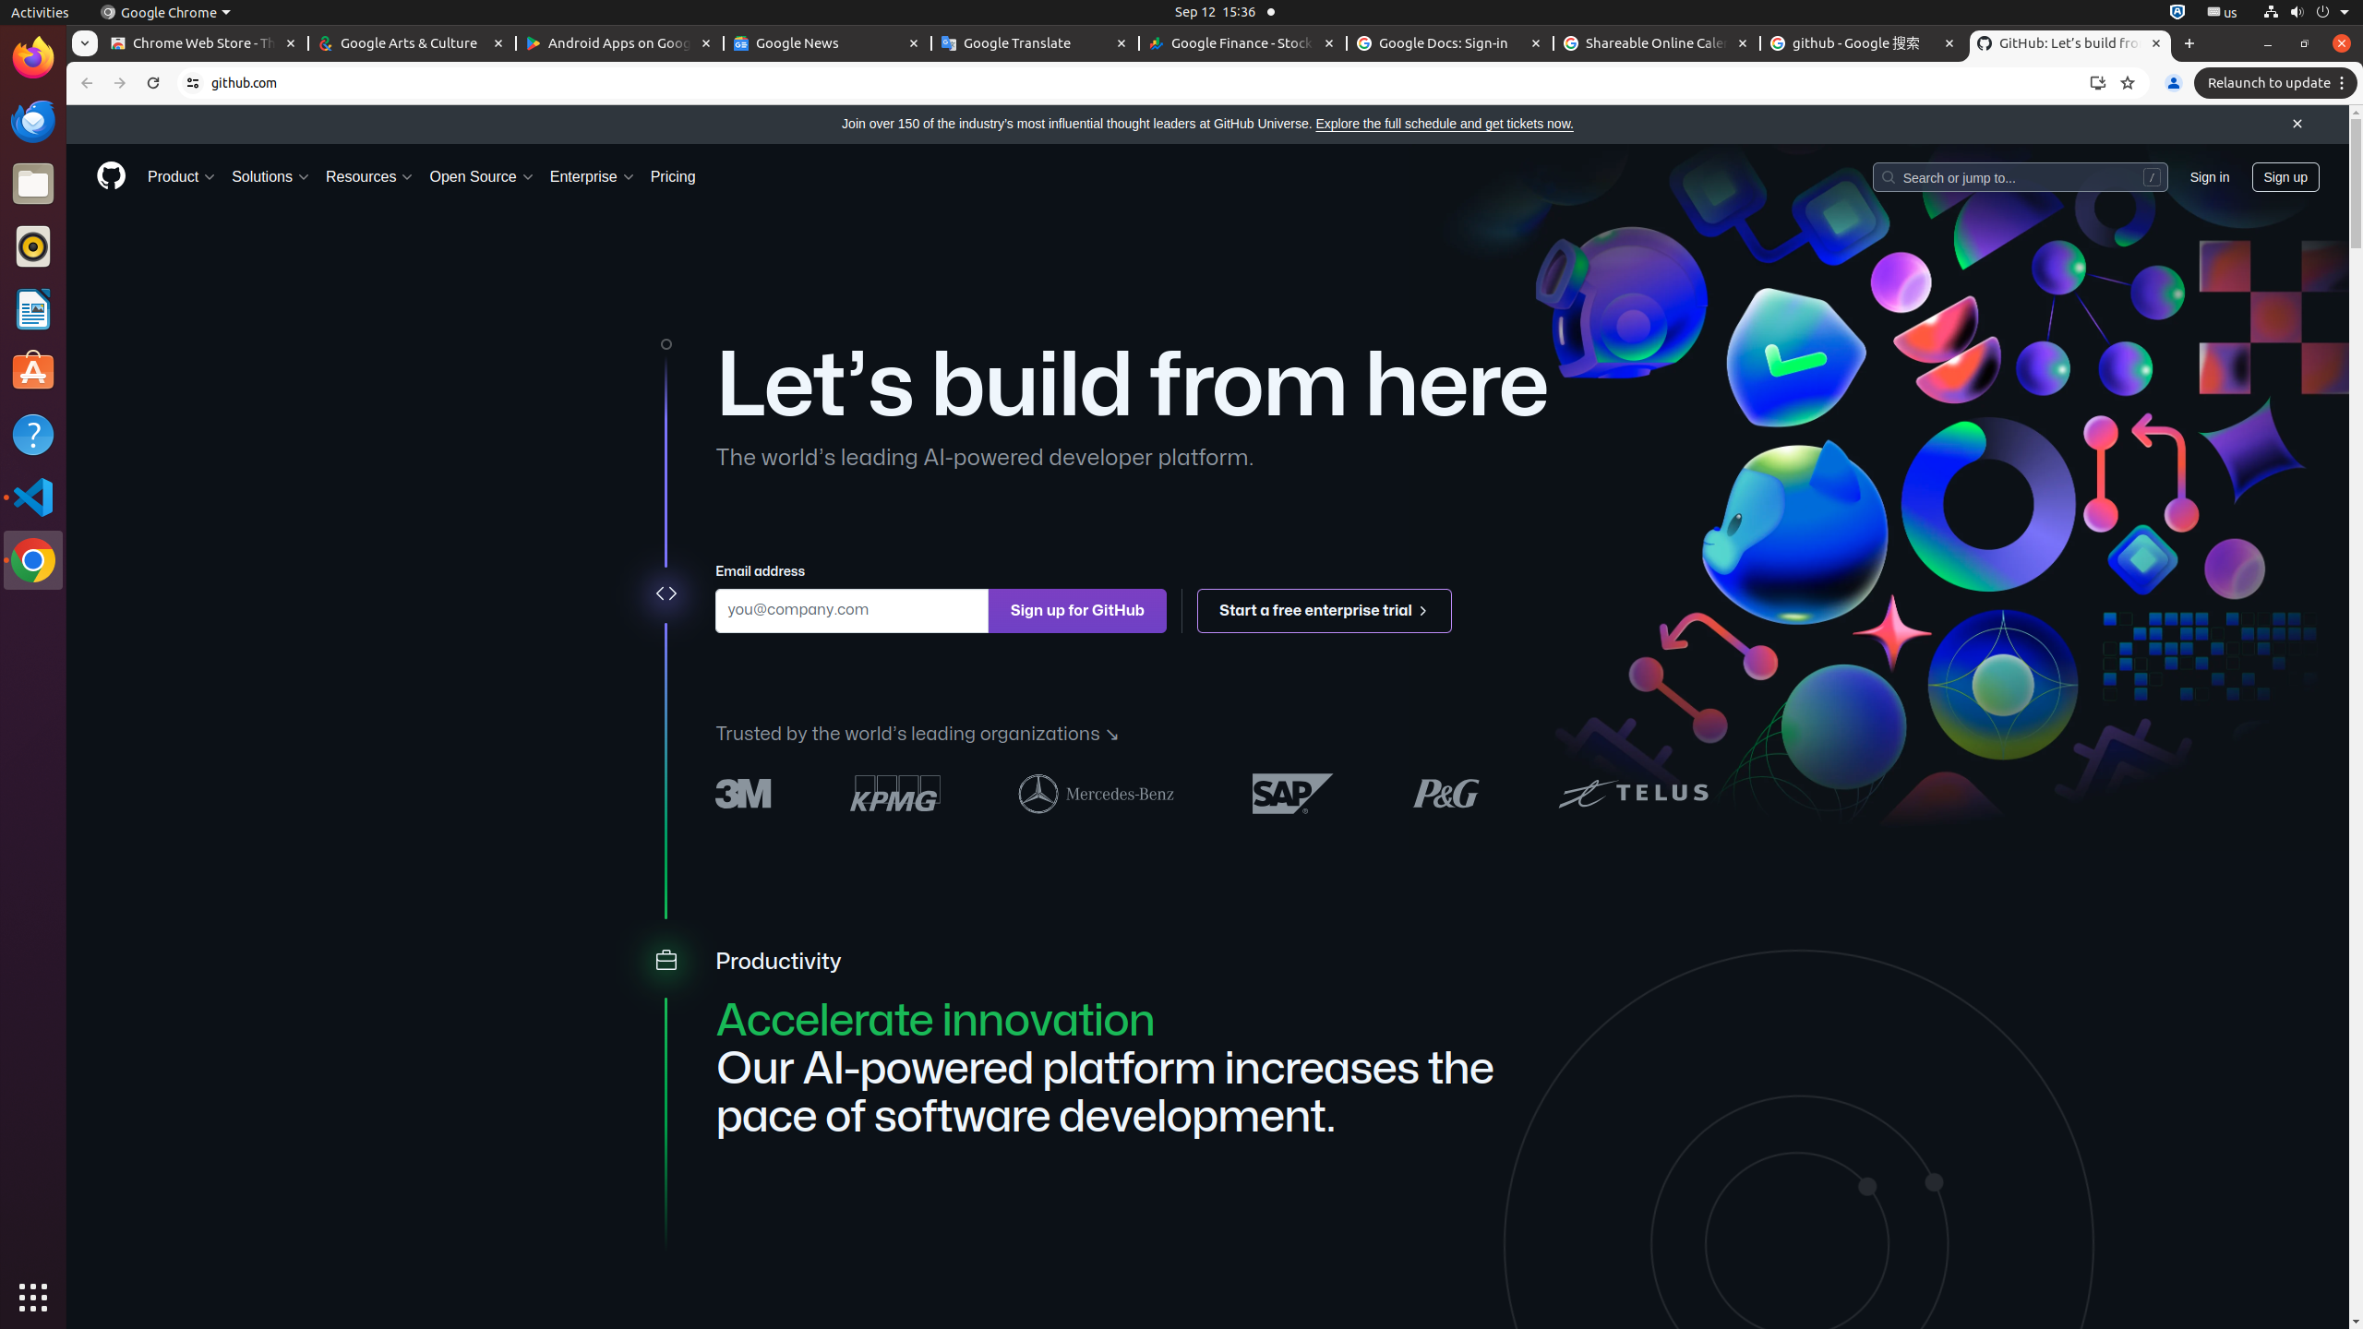 The width and height of the screenshot is (2363, 1329). What do you see at coordinates (1863, 42) in the screenshot?
I see `'github - Google 搜索 - Memory usage - 112 MB'` at bounding box center [1863, 42].